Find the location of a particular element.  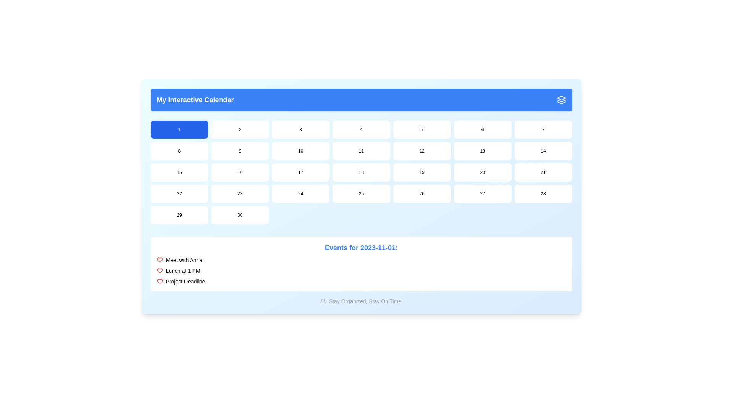

the interactive date selector button located in the fifth row and fourth column of the calendar interface is located at coordinates (361, 193).